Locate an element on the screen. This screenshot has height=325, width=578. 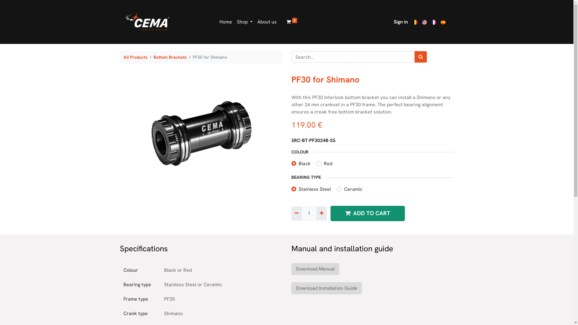
'Add one' is located at coordinates (321, 213).